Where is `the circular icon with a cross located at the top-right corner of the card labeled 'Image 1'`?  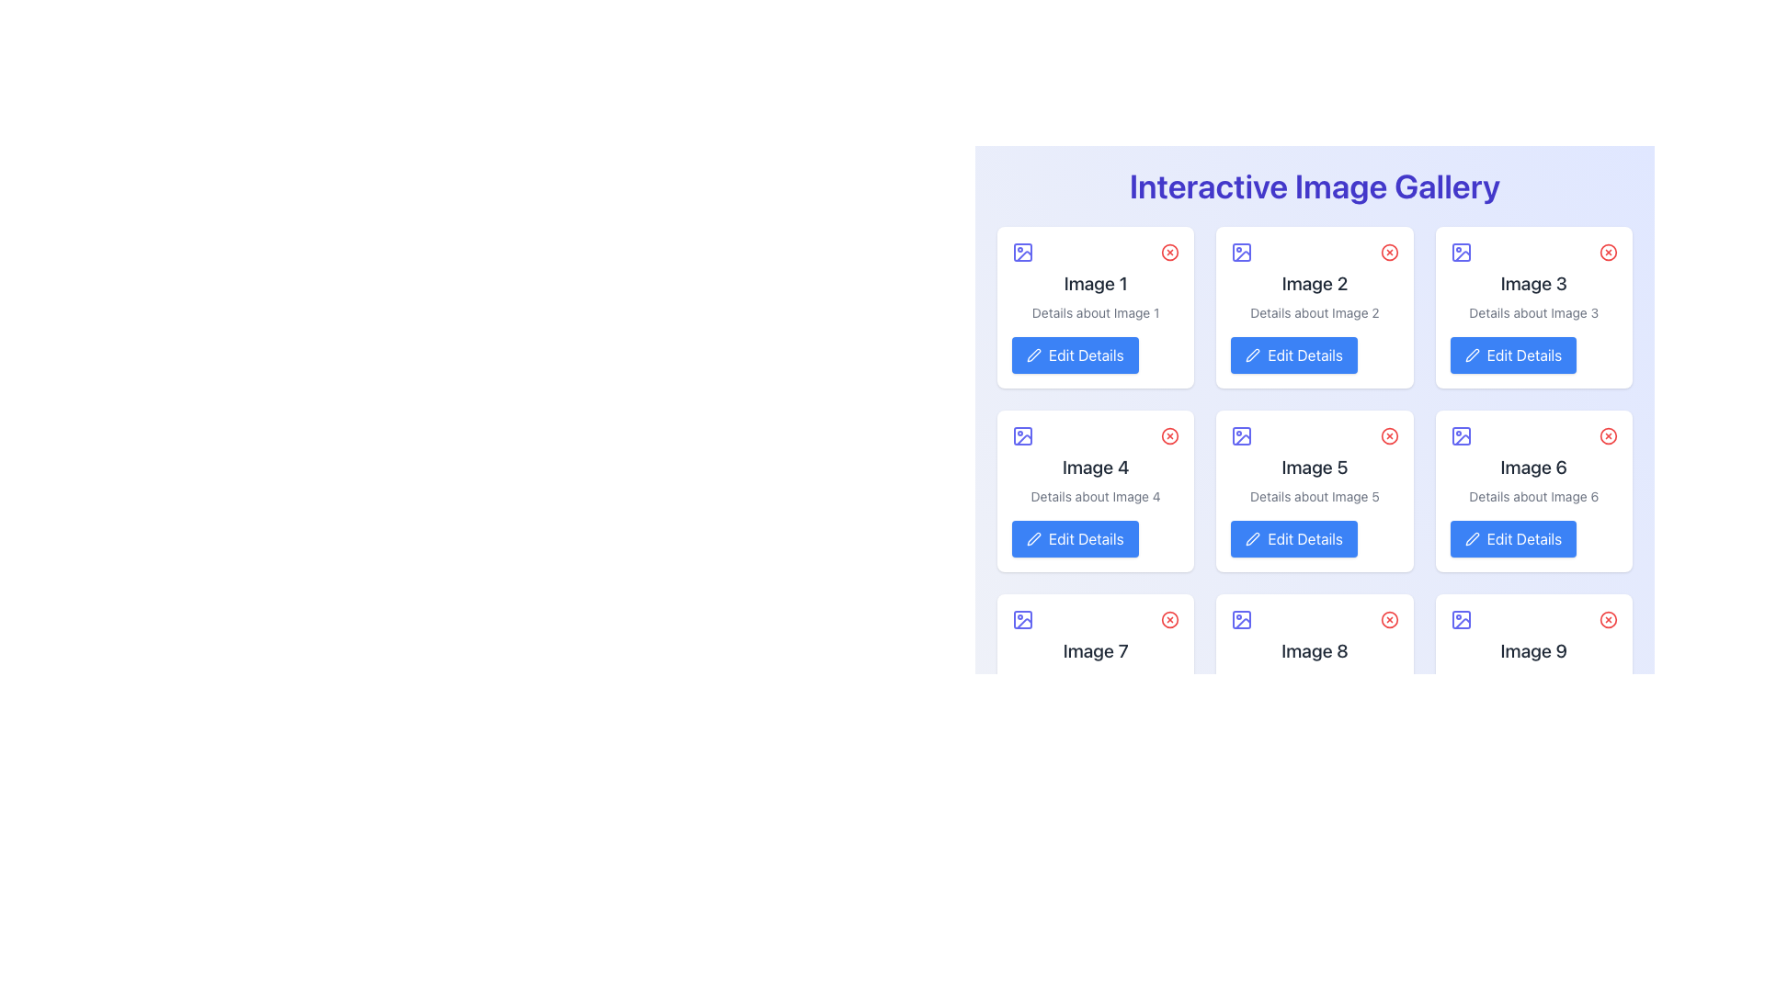 the circular icon with a cross located at the top-right corner of the card labeled 'Image 1' is located at coordinates (1169, 252).